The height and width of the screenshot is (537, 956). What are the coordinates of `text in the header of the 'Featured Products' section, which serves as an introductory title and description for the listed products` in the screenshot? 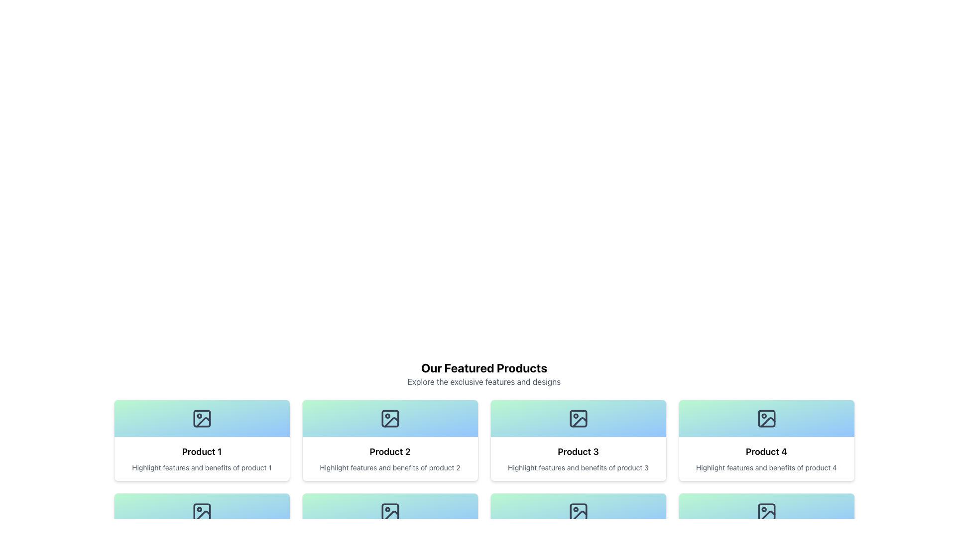 It's located at (484, 374).